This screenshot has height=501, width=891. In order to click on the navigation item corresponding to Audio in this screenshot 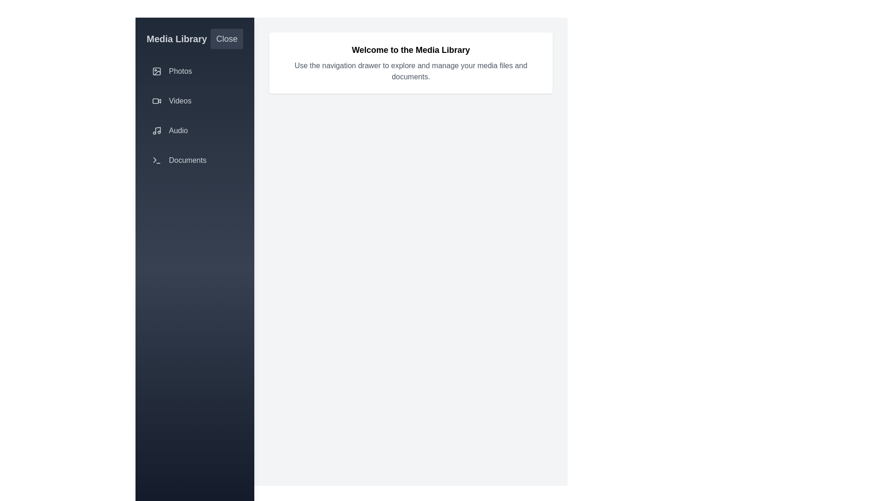, I will do `click(194, 130)`.